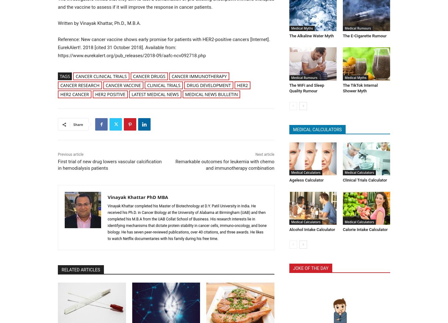 Image resolution: width=448 pixels, height=323 pixels. I want to click on 'Alcohol Intake Calculator', so click(311, 228).